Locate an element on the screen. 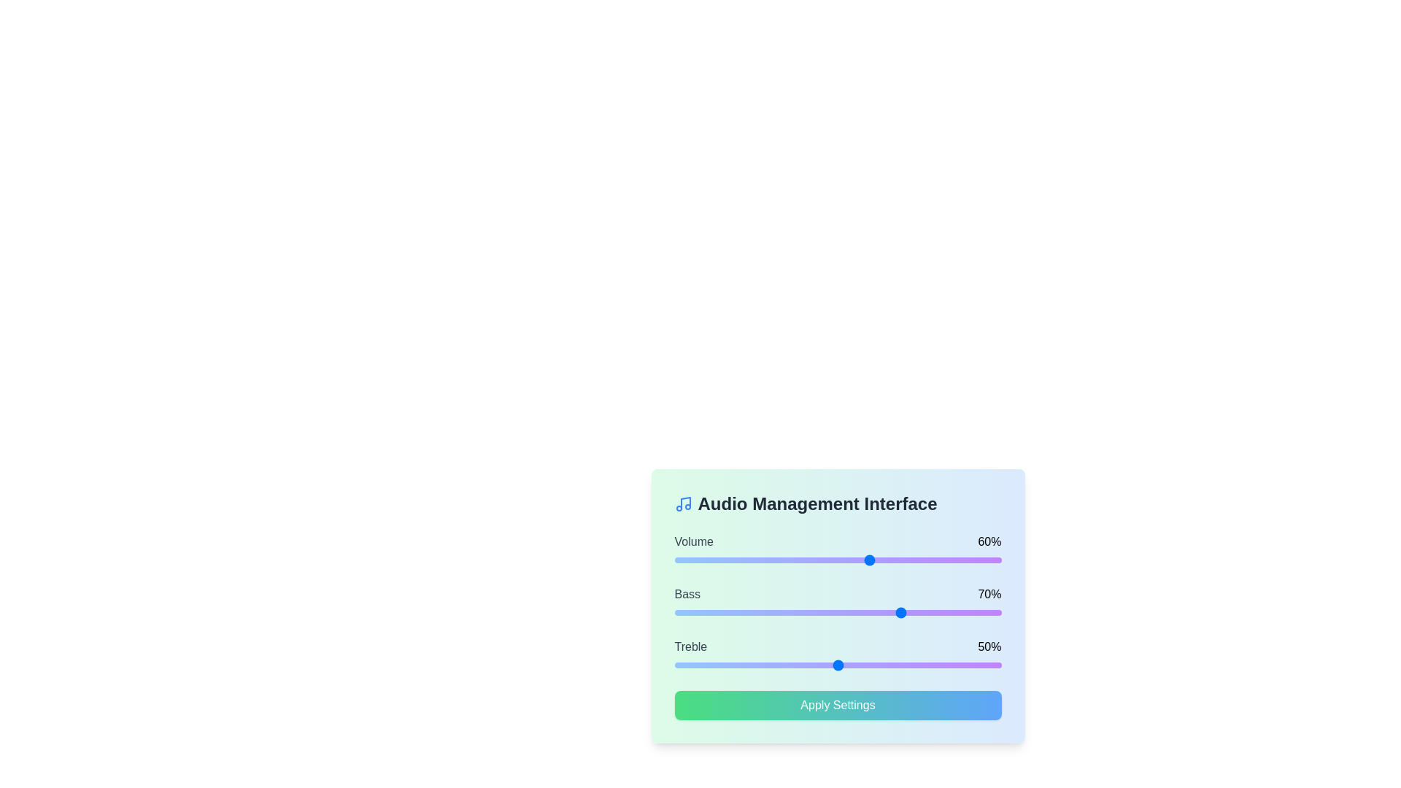 The height and width of the screenshot is (788, 1401). the horizontal slider input with a gradient-colored bar, currently positioned at approximately 70% of its length, below the label 'Bass' and the percentage value '70%' is located at coordinates (838, 613).